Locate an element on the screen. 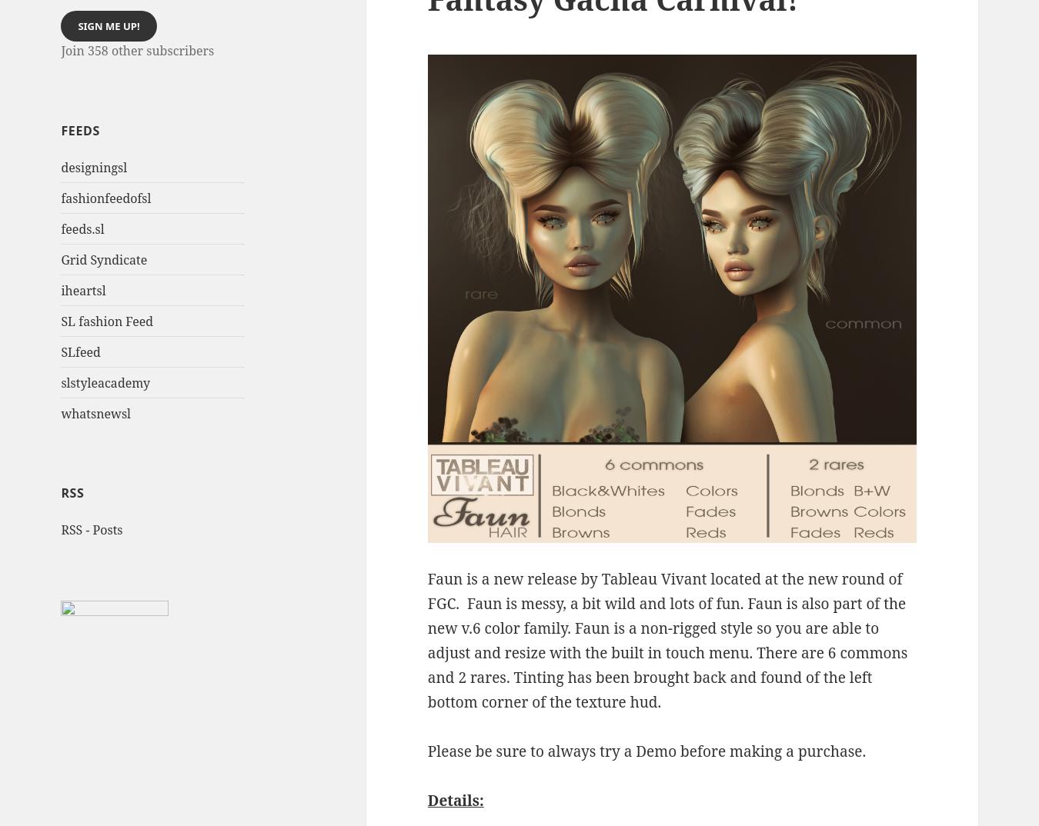 The image size is (1039, 826). 'Please be sure to always try a Demo before making a purchase.' is located at coordinates (426, 750).